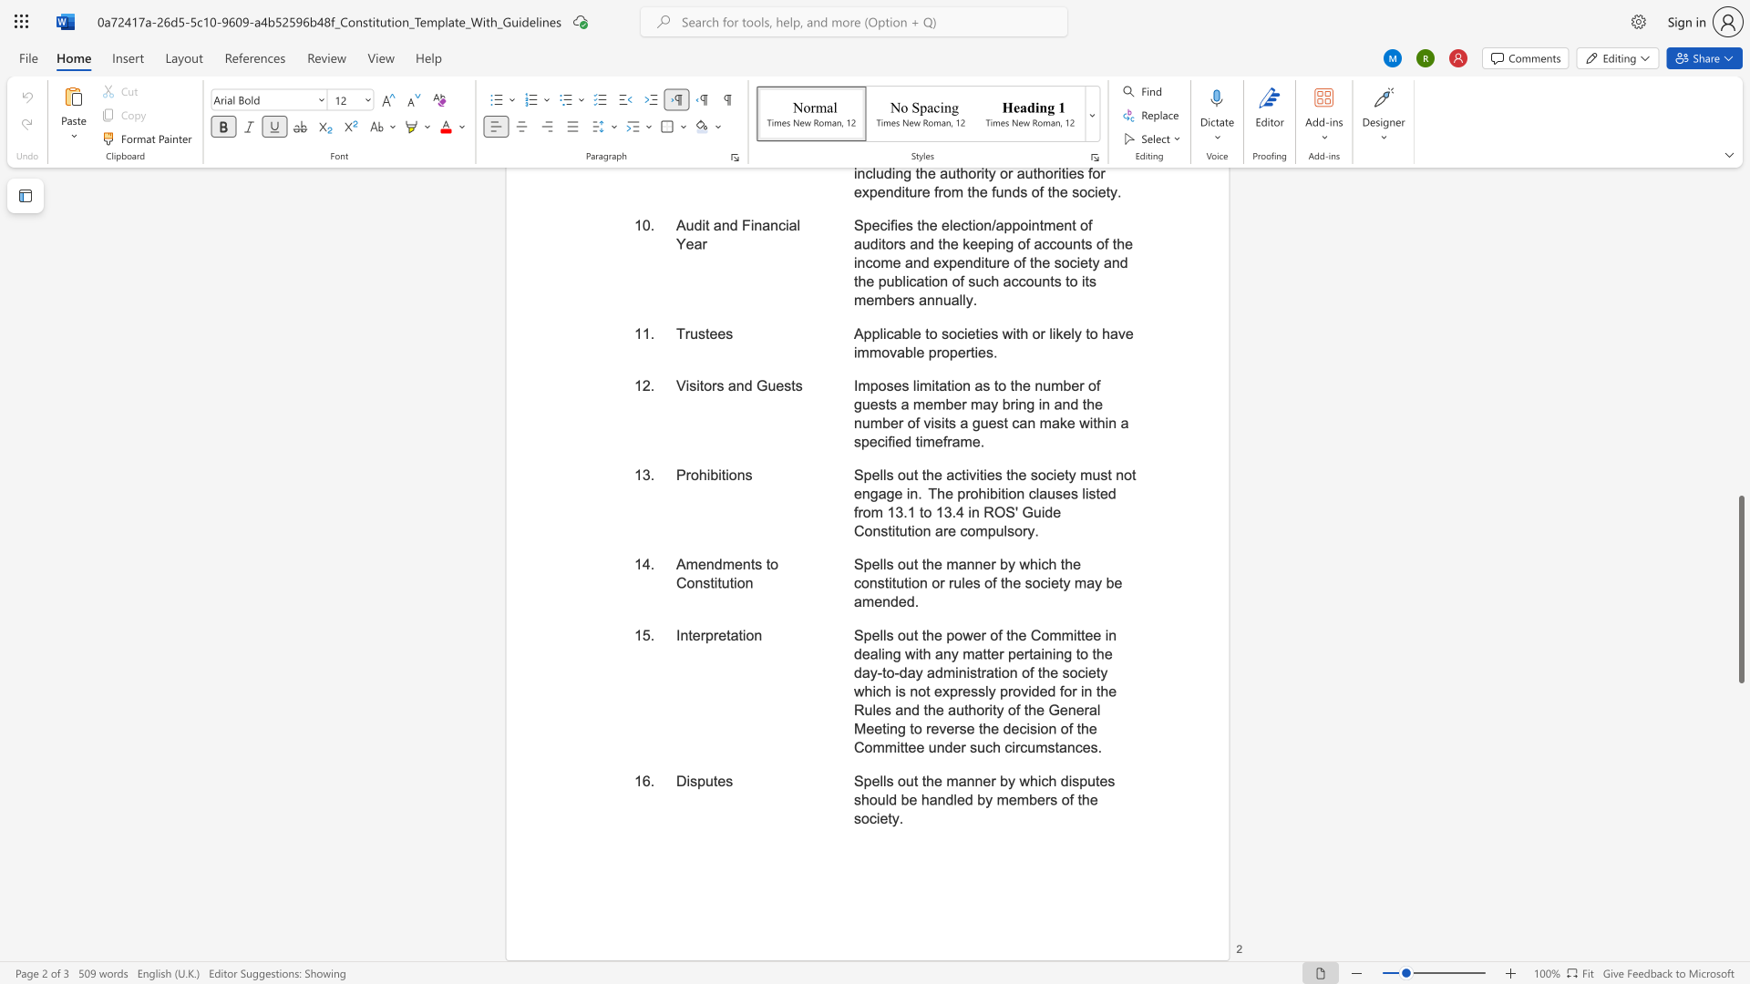 The height and width of the screenshot is (984, 1750). I want to click on the subset text "out the manner by wh" within the text "Spells out the manner by which the constitution or rules of the society may be amended.", so click(897, 563).